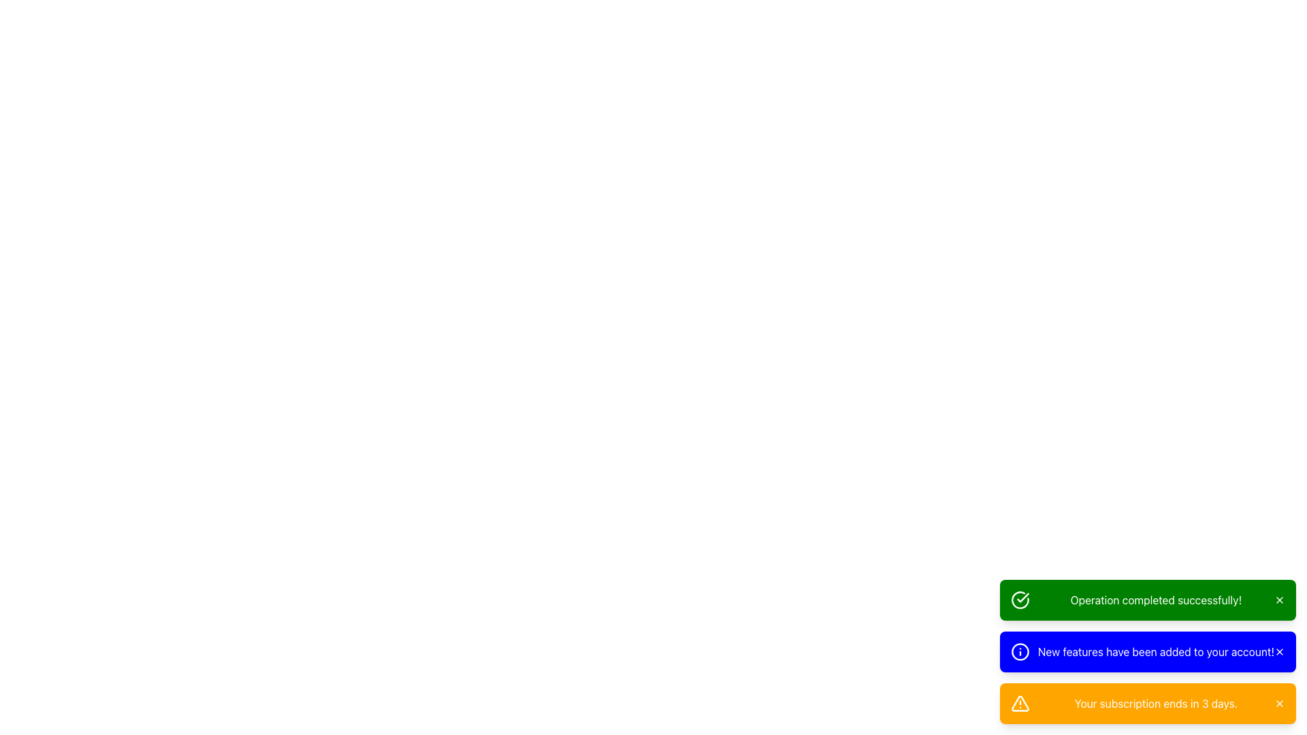 Image resolution: width=1307 pixels, height=735 pixels. Describe the element at coordinates (1020, 651) in the screenshot. I see `the circular information icon with a blue background and white border, which features an encircled 'i' in the center` at that location.